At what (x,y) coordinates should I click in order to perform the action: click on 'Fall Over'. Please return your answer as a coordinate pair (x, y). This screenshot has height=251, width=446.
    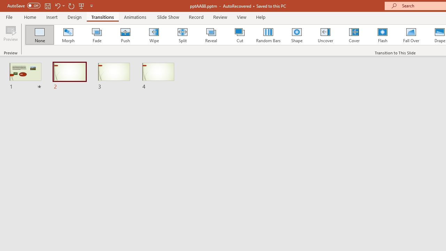
    Looking at the image, I should click on (411, 35).